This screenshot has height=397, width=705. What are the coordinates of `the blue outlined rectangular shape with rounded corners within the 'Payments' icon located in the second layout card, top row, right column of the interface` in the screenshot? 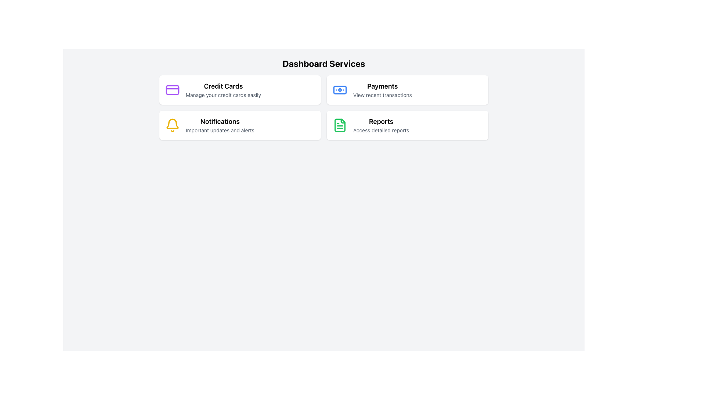 It's located at (340, 90).